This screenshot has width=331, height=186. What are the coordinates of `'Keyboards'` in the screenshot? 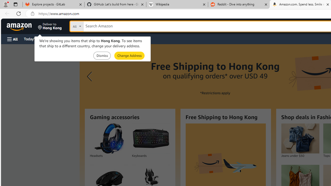 It's located at (151, 138).